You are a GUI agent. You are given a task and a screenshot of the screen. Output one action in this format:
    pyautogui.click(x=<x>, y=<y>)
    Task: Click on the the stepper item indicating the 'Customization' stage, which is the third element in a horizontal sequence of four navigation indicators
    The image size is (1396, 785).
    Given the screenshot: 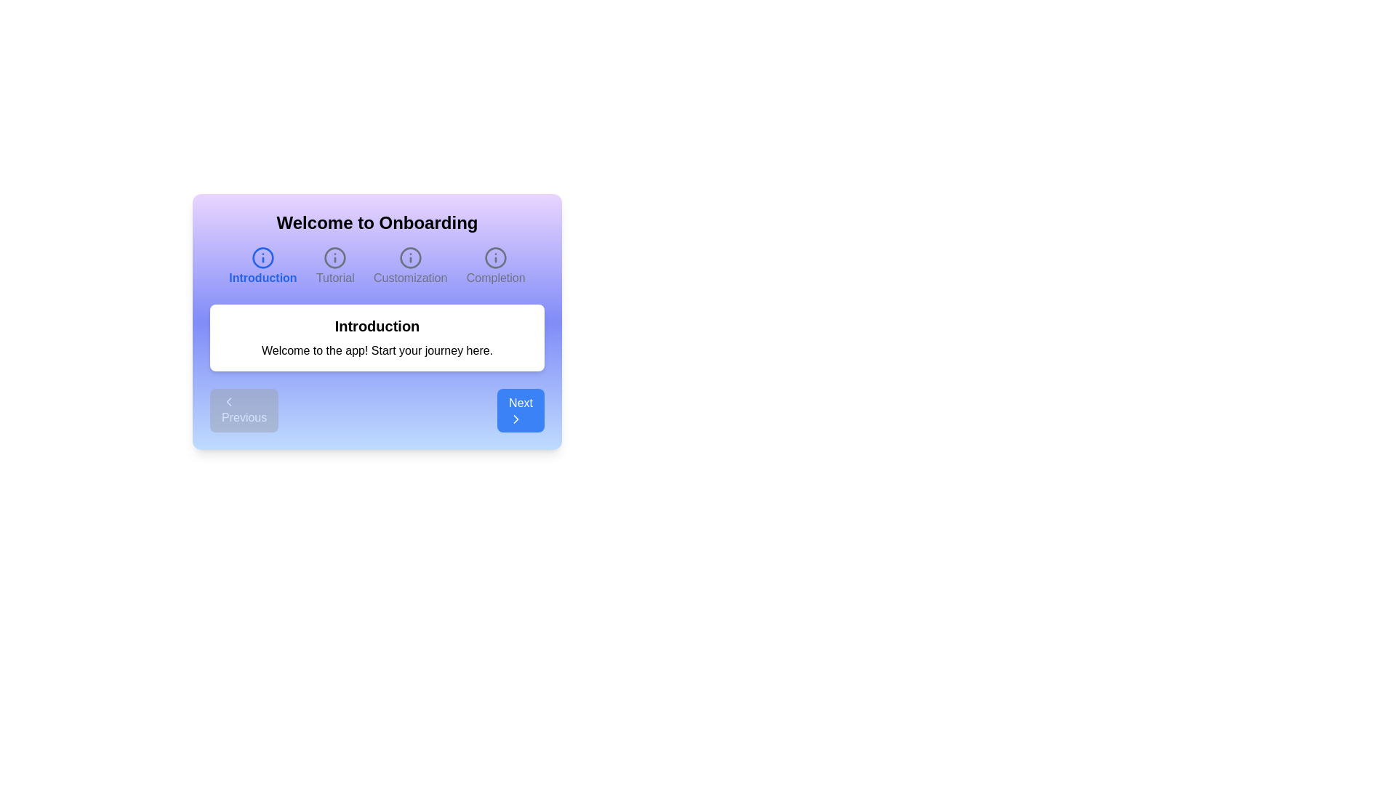 What is the action you would take?
    pyautogui.click(x=409, y=266)
    